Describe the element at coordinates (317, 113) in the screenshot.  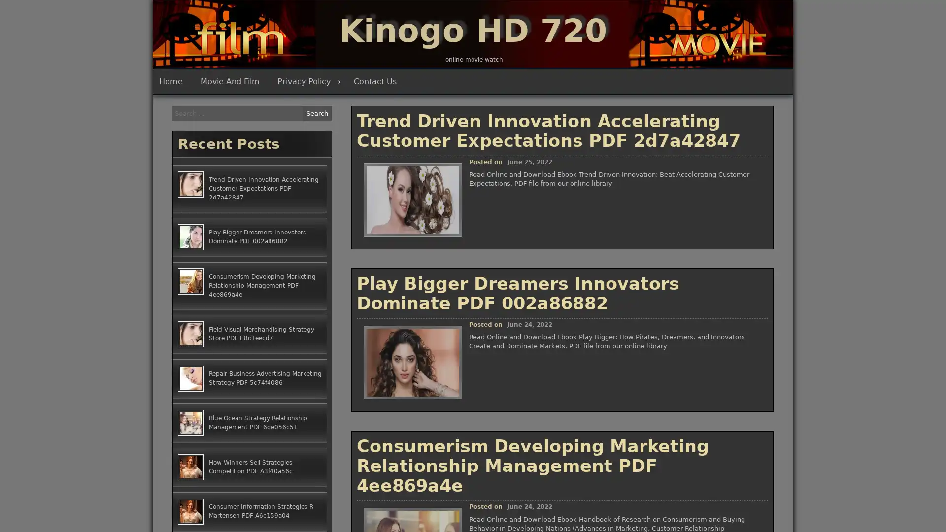
I see `Search` at that location.